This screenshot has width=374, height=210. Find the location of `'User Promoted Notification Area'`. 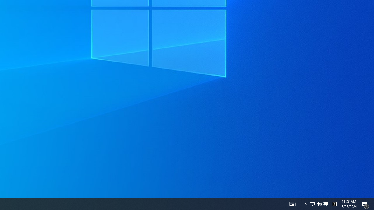

'User Promoted Notification Area' is located at coordinates (319, 204).